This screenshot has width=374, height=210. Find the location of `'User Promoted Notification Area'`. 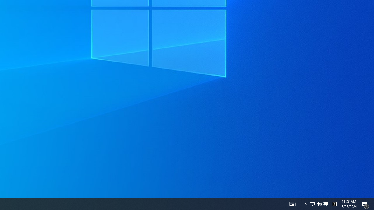

'User Promoted Notification Area' is located at coordinates (319, 204).